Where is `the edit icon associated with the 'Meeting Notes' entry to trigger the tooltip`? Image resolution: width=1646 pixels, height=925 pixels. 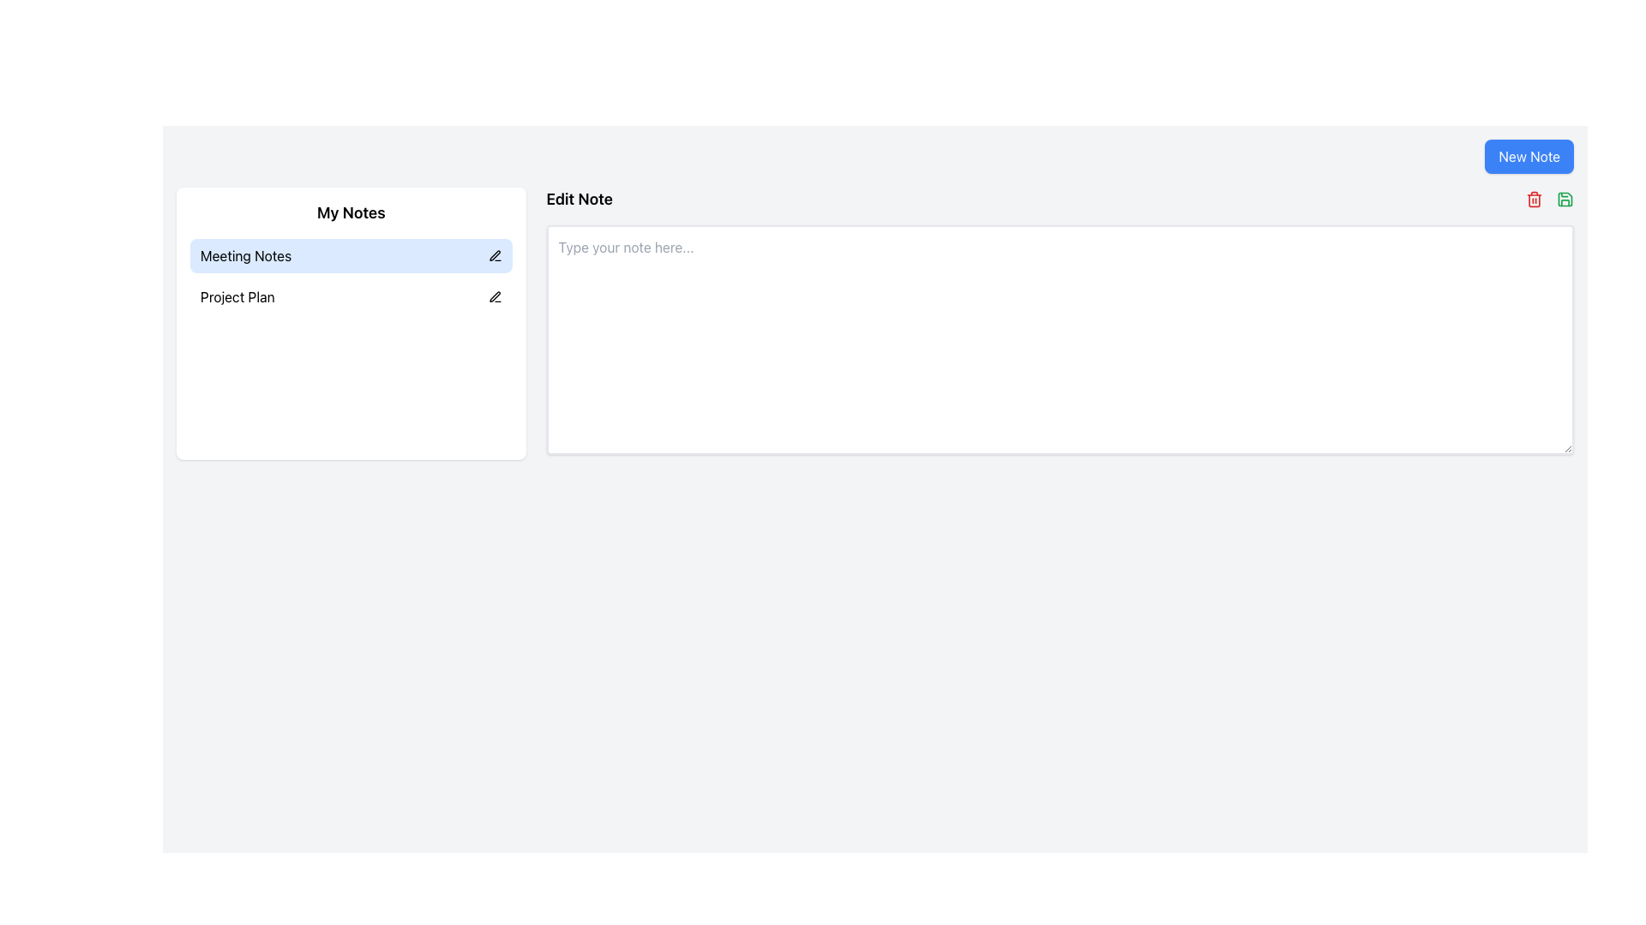
the edit icon associated with the 'Meeting Notes' entry to trigger the tooltip is located at coordinates (494, 256).